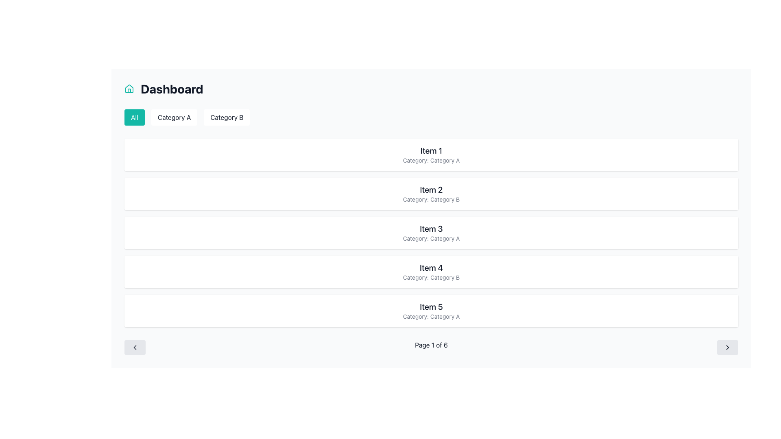 Image resolution: width=781 pixels, height=439 pixels. I want to click on the small leftward-pointing chevron icon styled with SVG paths, located in the bottom-left corner of the interface, so click(135, 348).